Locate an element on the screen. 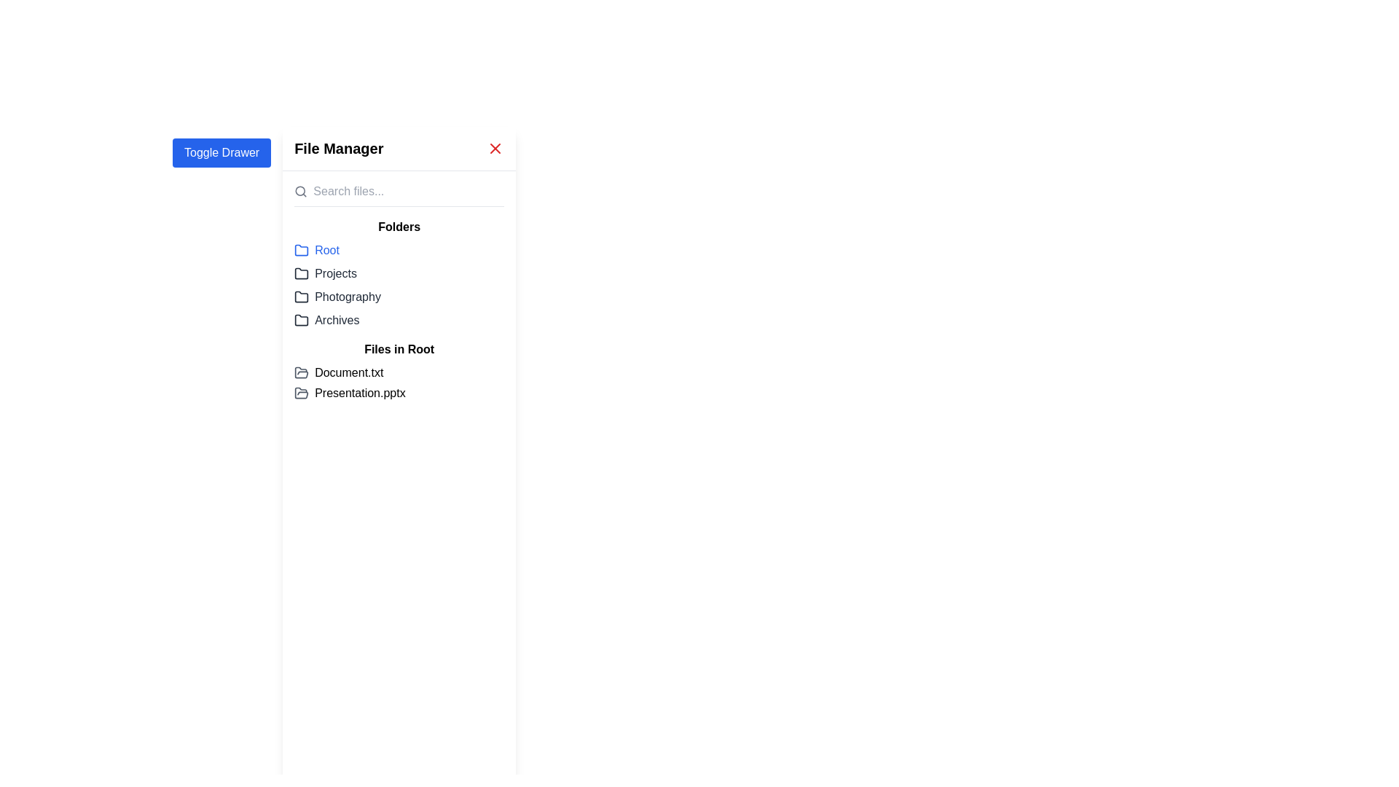 This screenshot has height=787, width=1399. the 'Photography' folder icon in the file manager interface, which is the third item in the list of folder icons is located at coordinates (301, 296).